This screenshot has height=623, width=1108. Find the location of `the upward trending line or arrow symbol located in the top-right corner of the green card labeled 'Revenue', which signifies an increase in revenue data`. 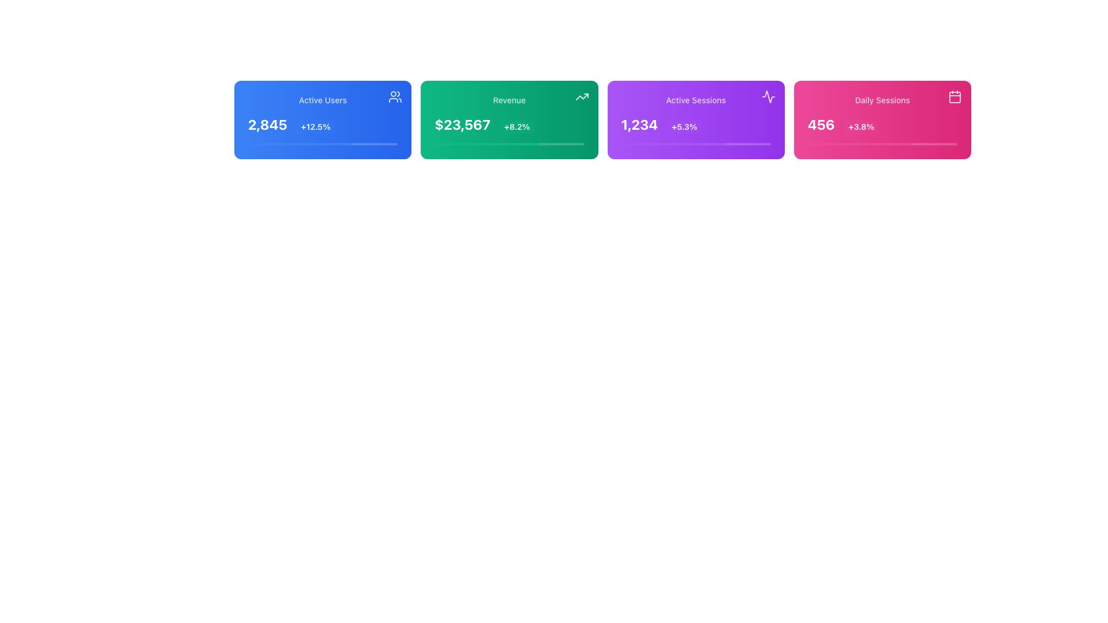

the upward trending line or arrow symbol located in the top-right corner of the green card labeled 'Revenue', which signifies an increase in revenue data is located at coordinates (582, 96).